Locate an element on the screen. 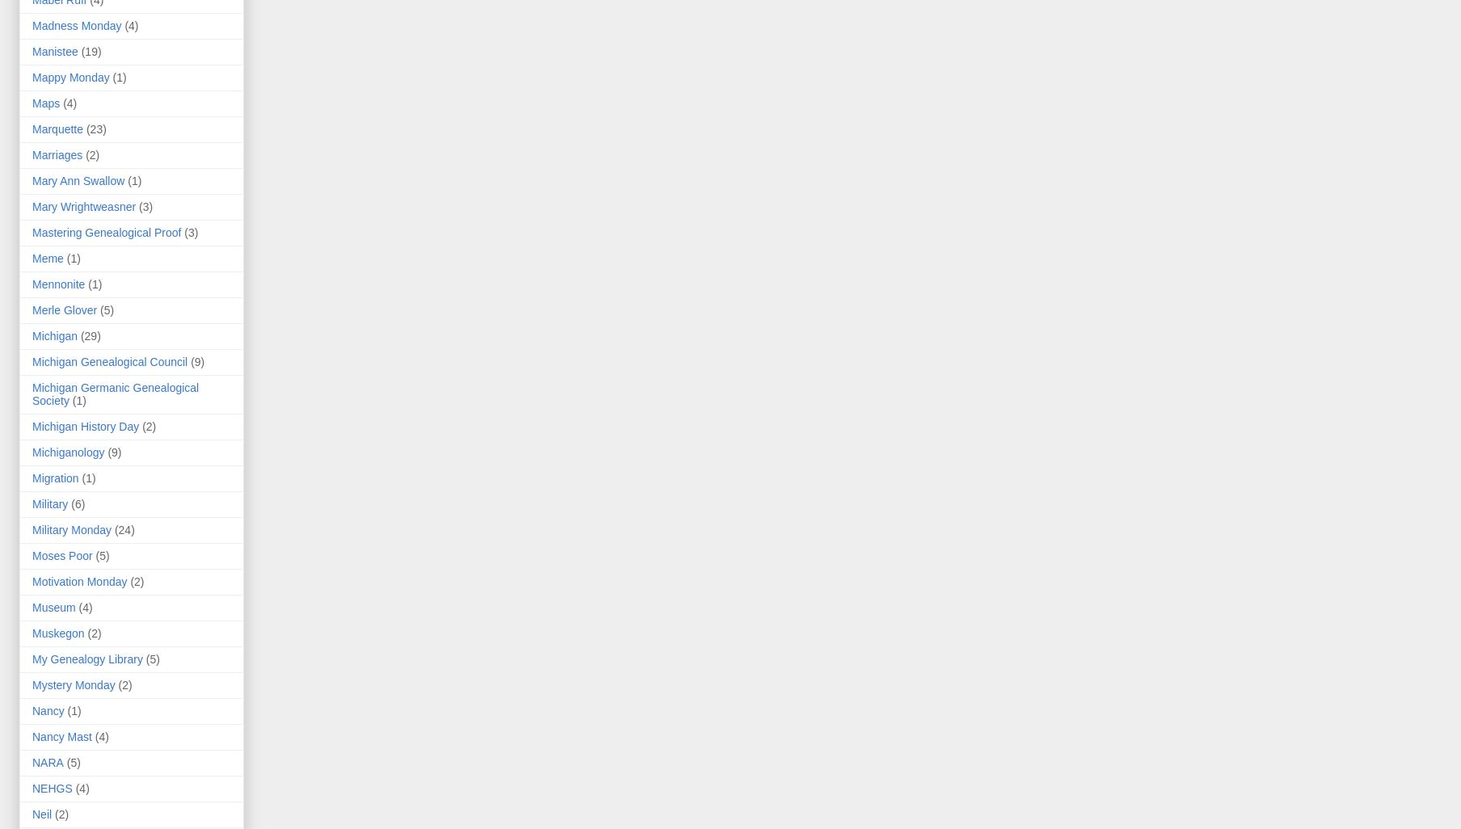  'Military' is located at coordinates (50, 504).